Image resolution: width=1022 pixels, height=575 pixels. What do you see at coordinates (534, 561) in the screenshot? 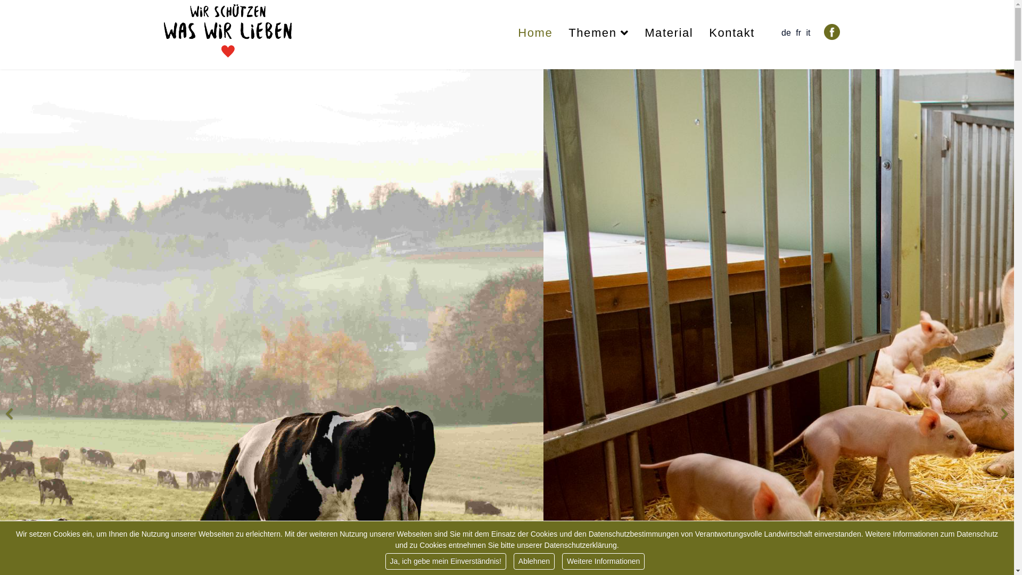
I see `'Ablehnen'` at bounding box center [534, 561].